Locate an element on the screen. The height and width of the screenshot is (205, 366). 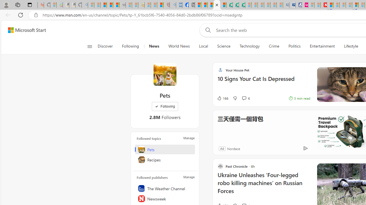
'Pets' is located at coordinates (165, 149).